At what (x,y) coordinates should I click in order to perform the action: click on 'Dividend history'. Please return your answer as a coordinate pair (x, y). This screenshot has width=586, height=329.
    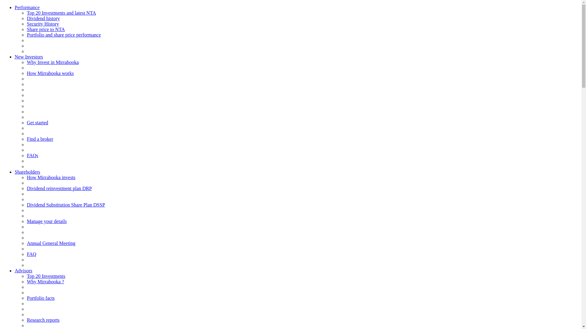
    Looking at the image, I should click on (43, 18).